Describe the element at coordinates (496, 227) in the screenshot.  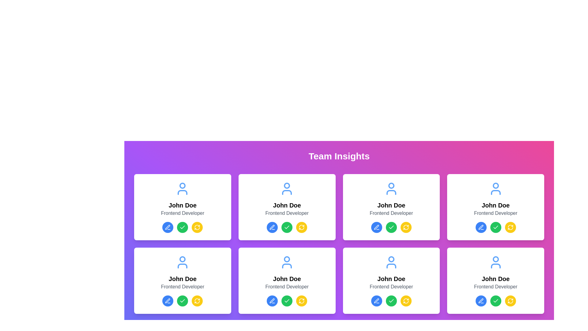
I see `the confirmation button associated with the 'John Doe' card, which is the second button in a row of three circular buttons at the bottom of the card` at that location.